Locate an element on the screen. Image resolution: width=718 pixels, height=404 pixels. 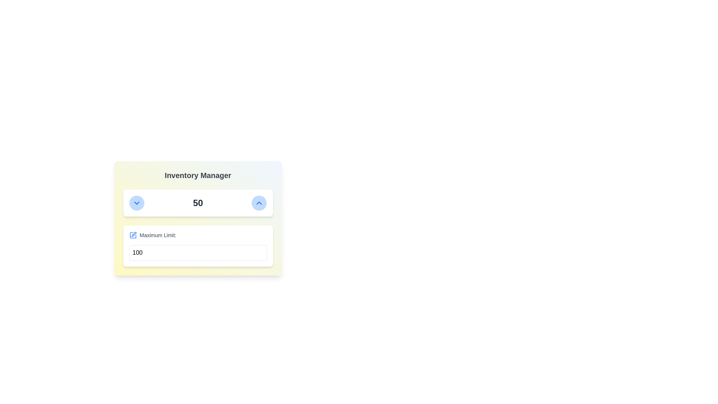
the editable input field in the 'Inventory Manager' card is located at coordinates (198, 246).